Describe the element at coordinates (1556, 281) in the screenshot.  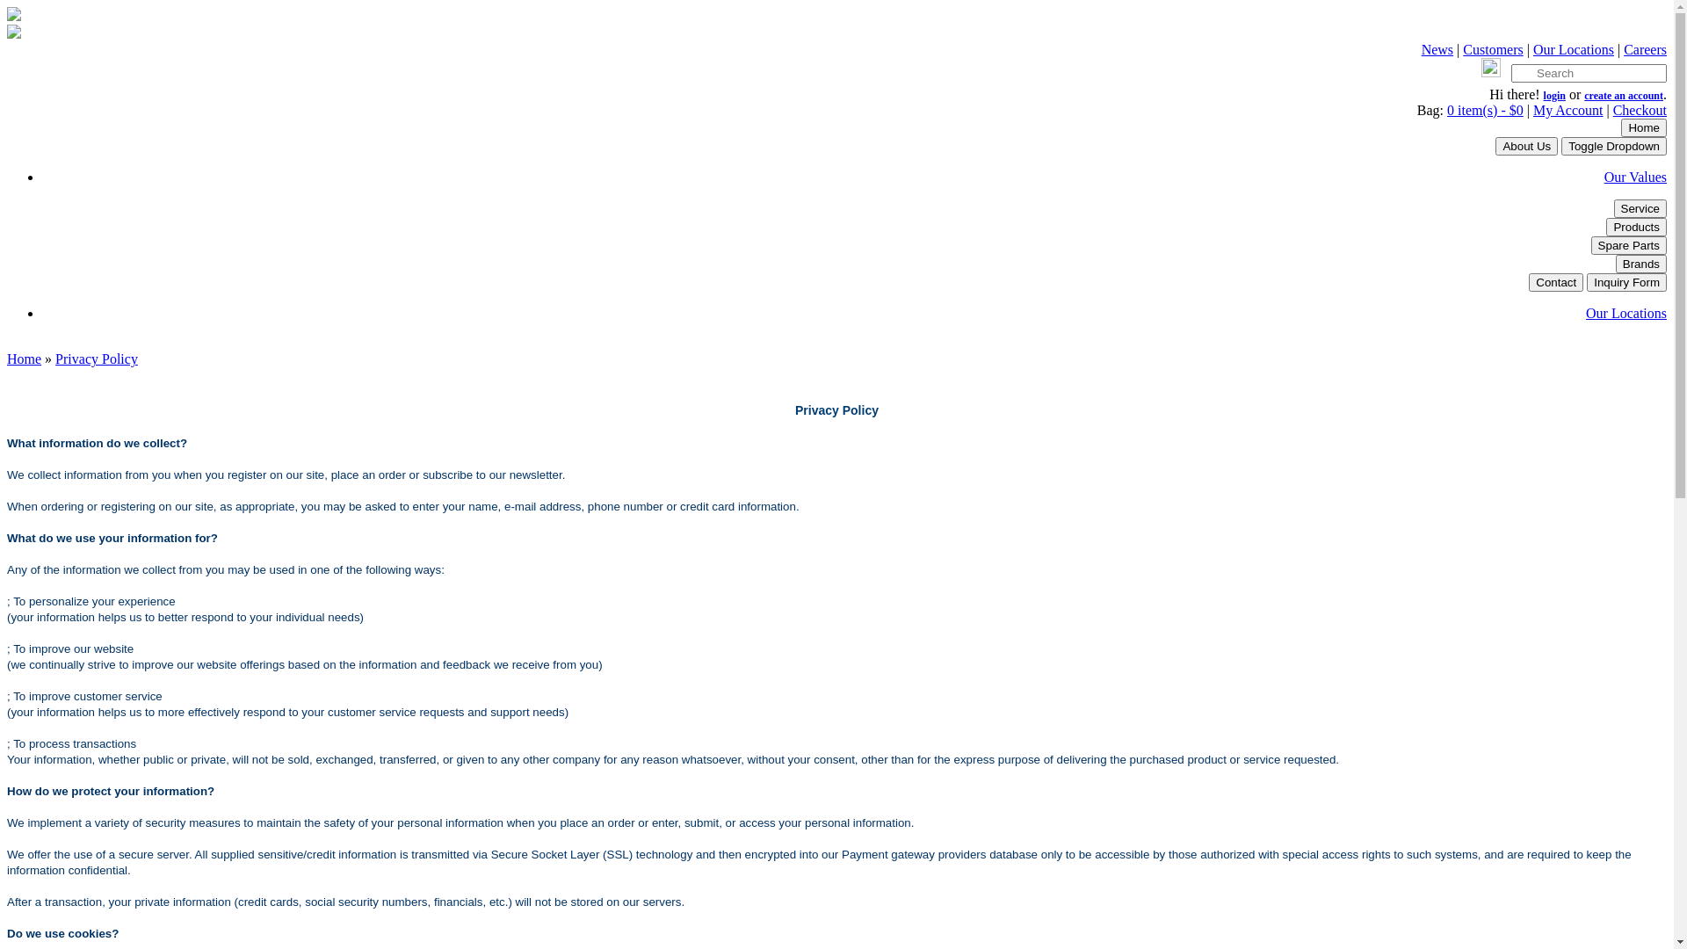
I see `'Contact'` at that location.